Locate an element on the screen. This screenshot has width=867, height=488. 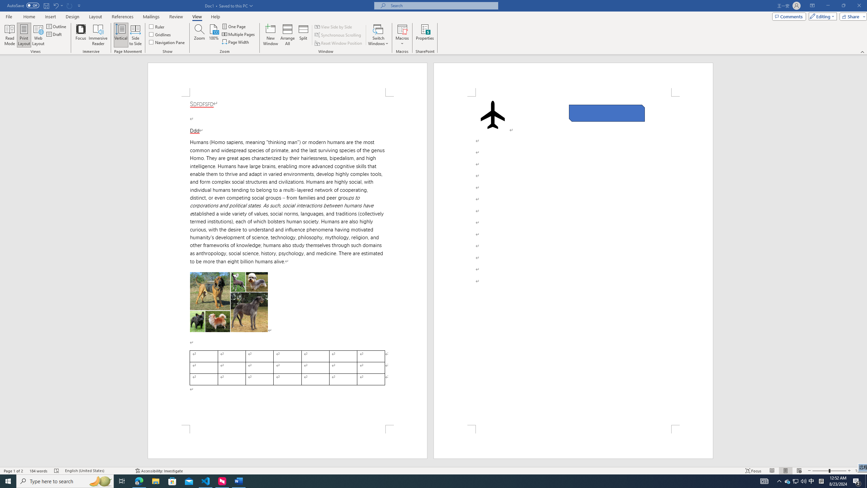
'Notification Chevron' is located at coordinates (779, 481).